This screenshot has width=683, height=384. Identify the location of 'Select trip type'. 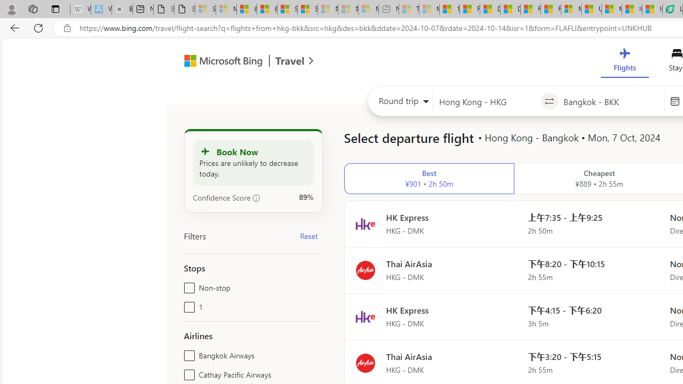
(400, 103).